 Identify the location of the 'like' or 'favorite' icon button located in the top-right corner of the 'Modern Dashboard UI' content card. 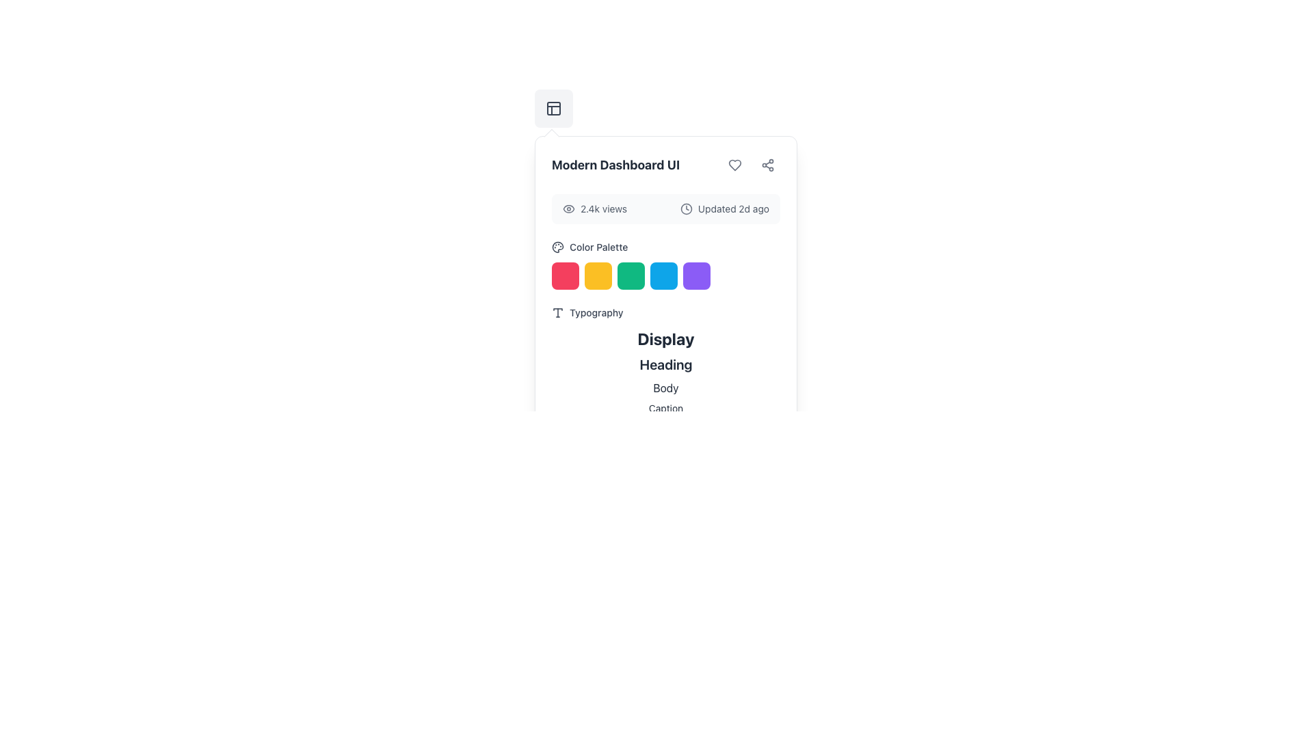
(734, 165).